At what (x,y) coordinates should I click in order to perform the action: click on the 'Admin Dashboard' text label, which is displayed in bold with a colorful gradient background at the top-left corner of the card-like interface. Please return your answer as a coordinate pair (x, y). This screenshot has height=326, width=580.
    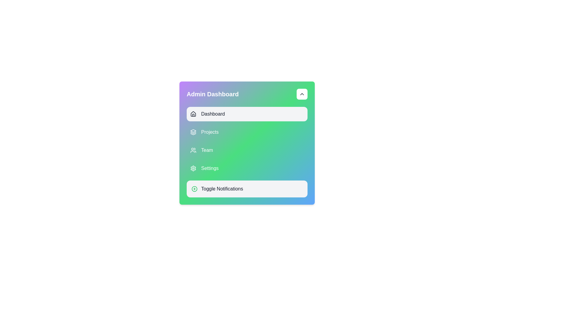
    Looking at the image, I should click on (213, 94).